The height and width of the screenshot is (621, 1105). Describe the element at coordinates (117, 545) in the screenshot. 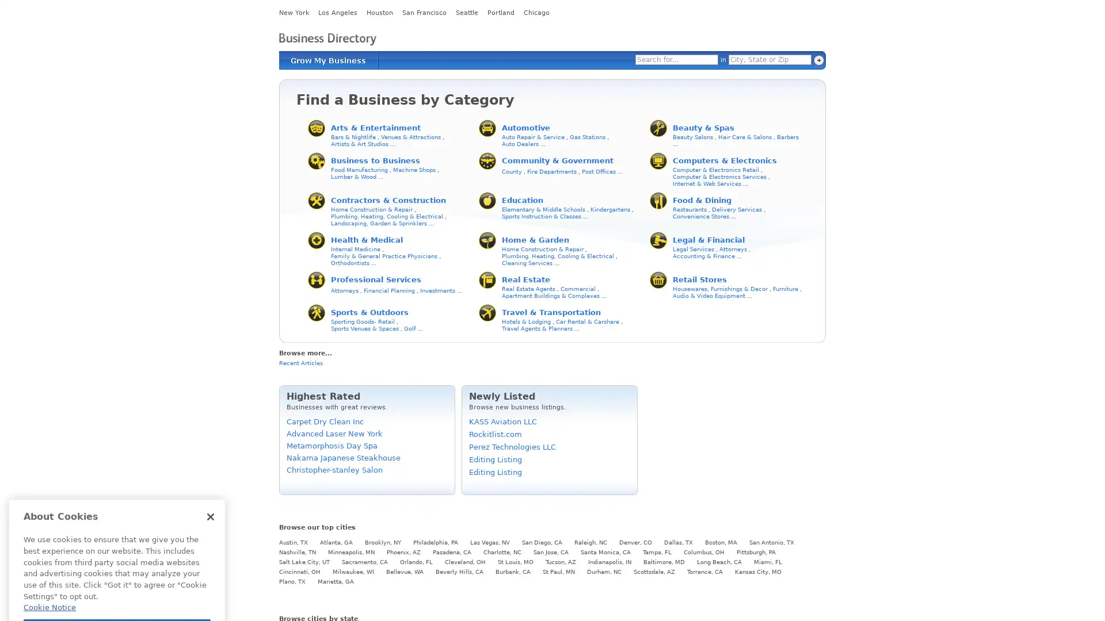

I see `Got It` at that location.